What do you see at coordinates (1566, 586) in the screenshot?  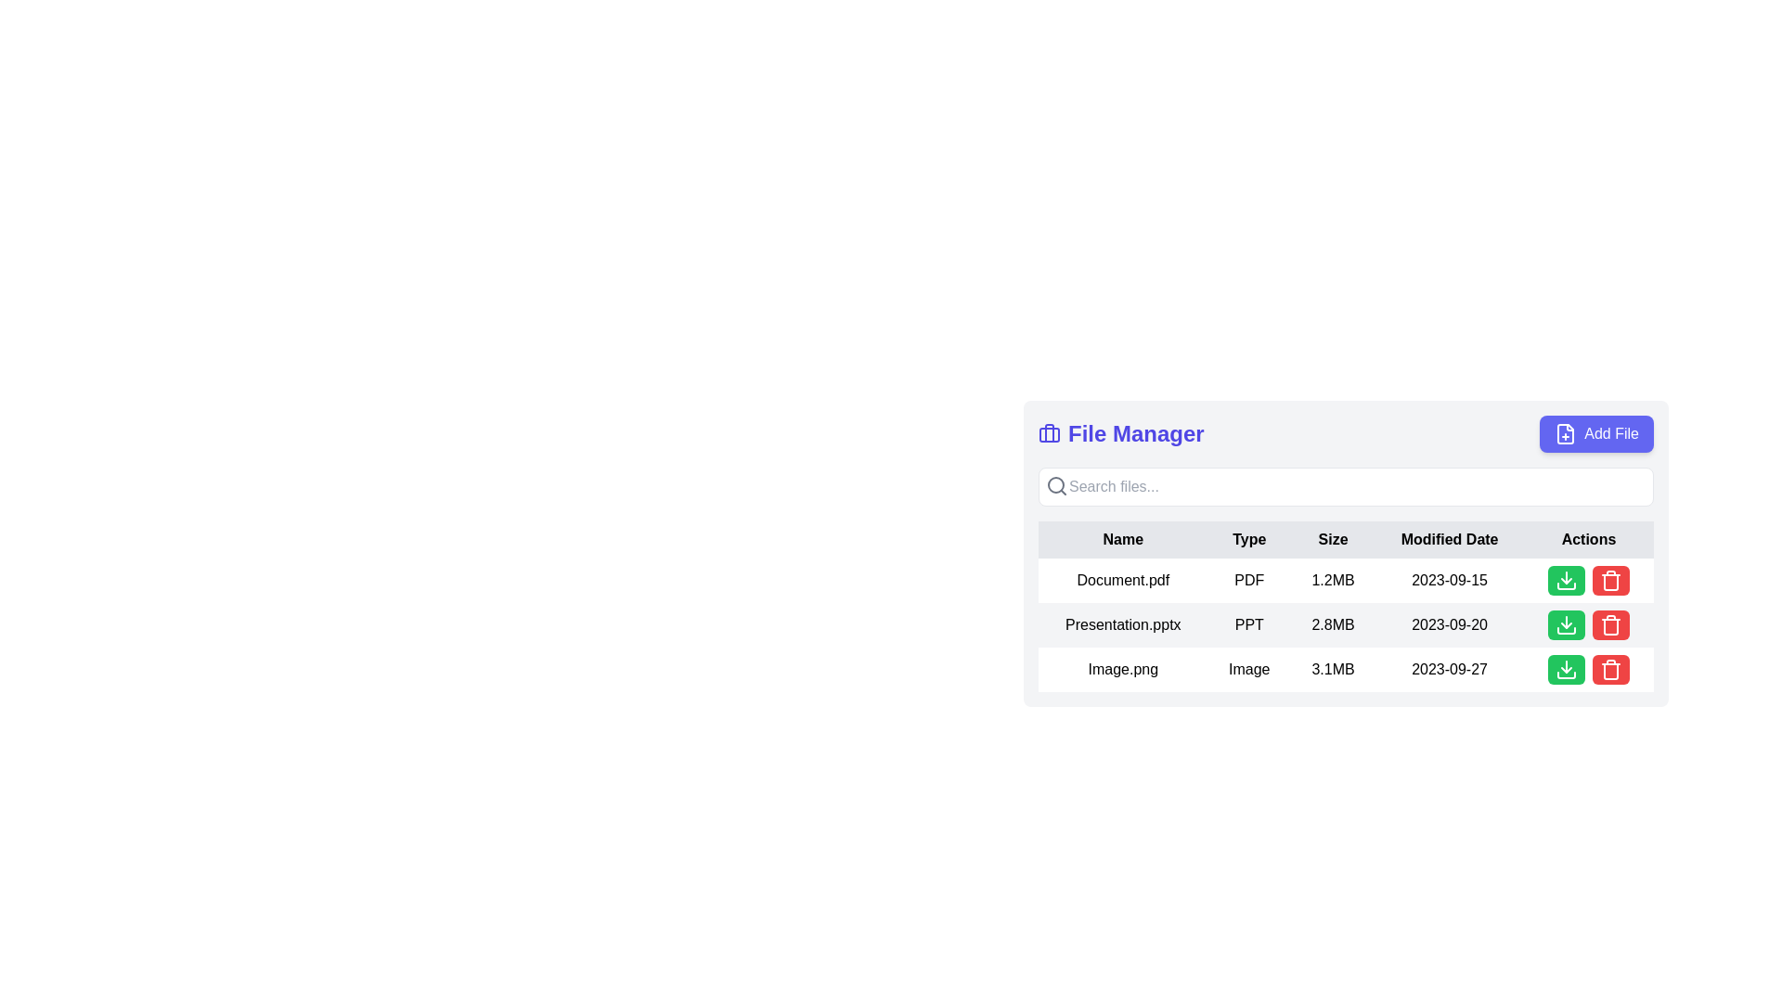 I see `the lower horizontal line of the download icon, which is styled as a decorative element and located in the first row under the 'Actions' column next to 'Document.pdf'` at bounding box center [1566, 586].